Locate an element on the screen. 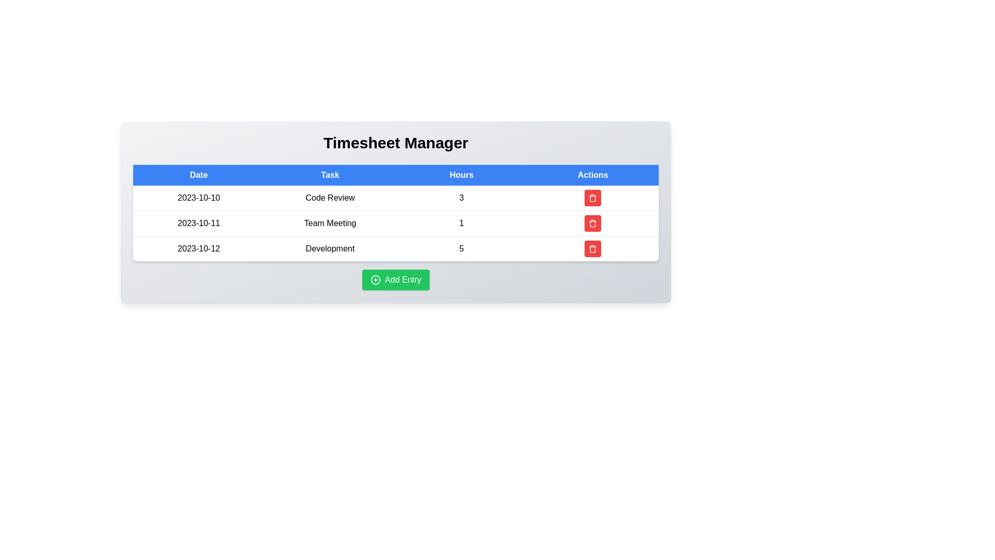 Image resolution: width=995 pixels, height=560 pixels. the third row in the table displaying the entries '2023-10-12', 'Development', and '5' is located at coordinates (395, 248).